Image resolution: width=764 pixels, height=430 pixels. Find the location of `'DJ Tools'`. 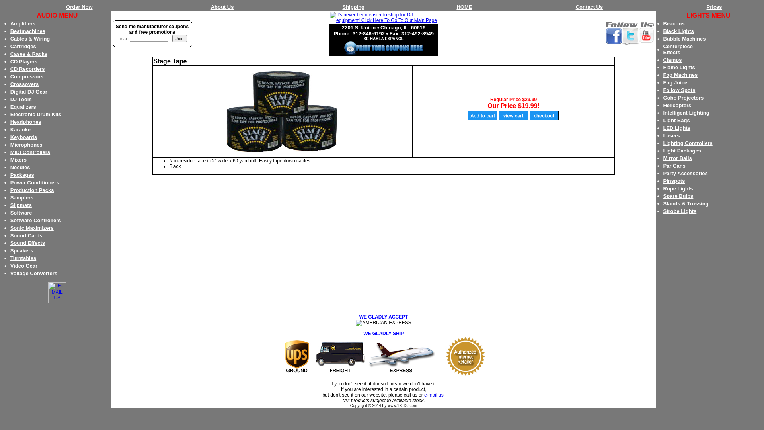

'DJ Tools' is located at coordinates (21, 99).